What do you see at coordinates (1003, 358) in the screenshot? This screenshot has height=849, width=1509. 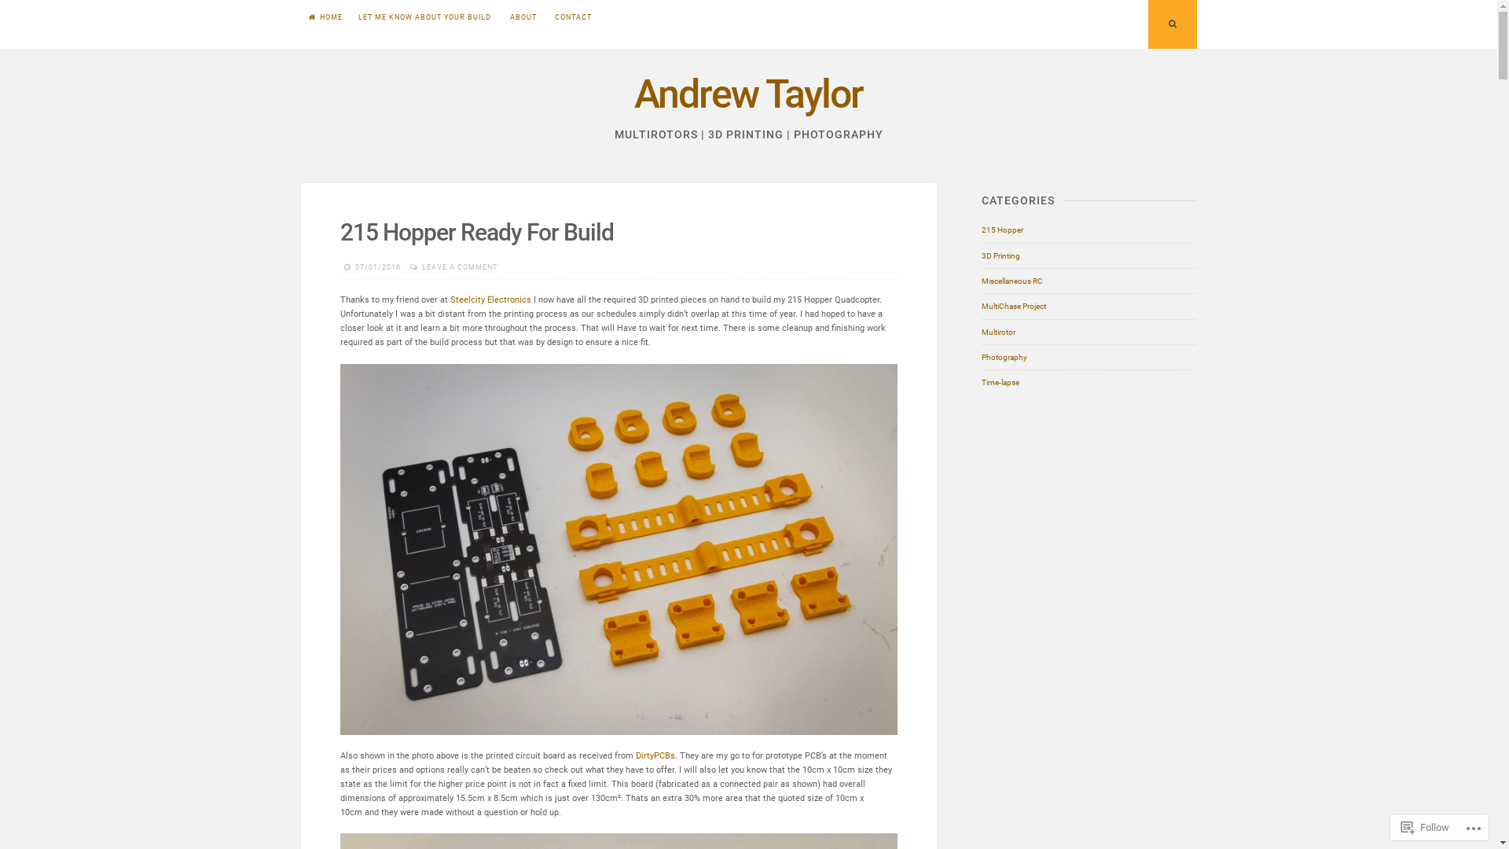 I see `'Photography'` at bounding box center [1003, 358].